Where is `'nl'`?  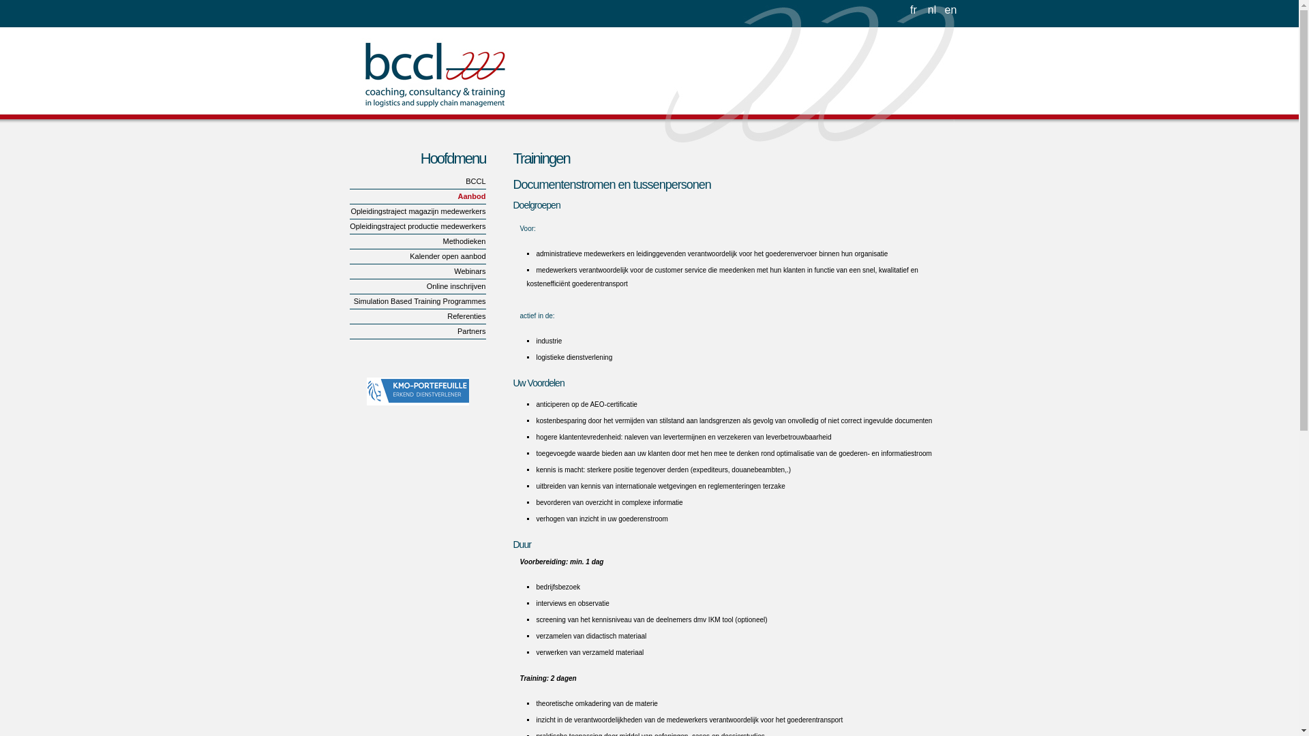
'nl' is located at coordinates (931, 8).